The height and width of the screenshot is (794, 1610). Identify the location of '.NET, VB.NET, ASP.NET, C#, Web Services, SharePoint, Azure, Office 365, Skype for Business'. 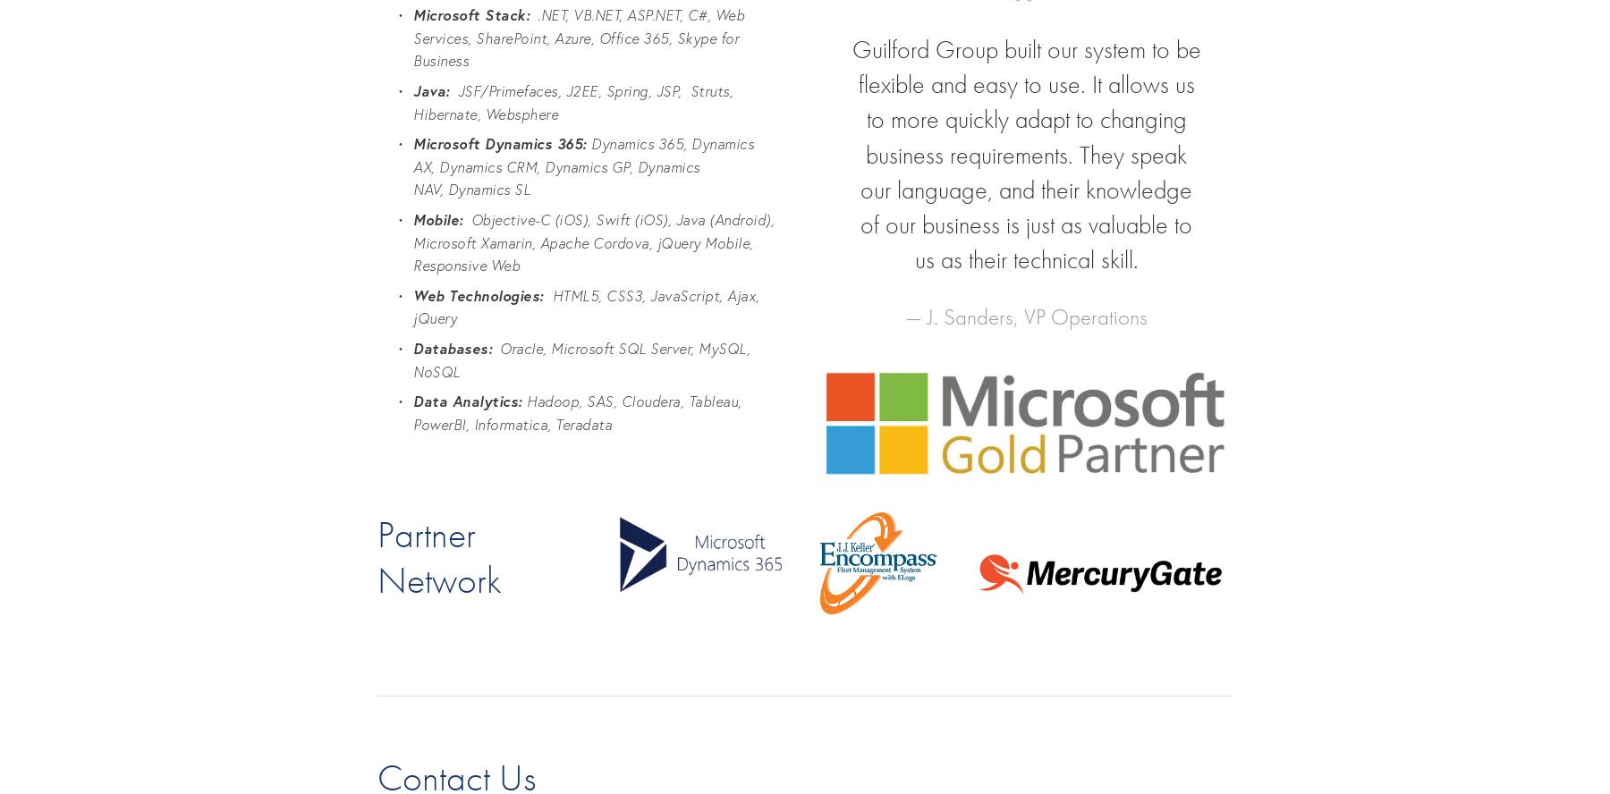
(580, 38).